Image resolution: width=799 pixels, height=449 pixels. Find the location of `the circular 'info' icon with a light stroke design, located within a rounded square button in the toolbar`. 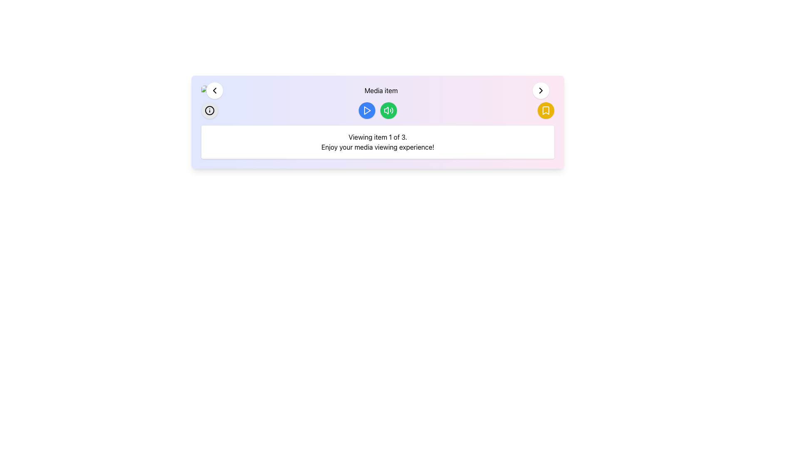

the circular 'info' icon with a light stroke design, located within a rounded square button in the toolbar is located at coordinates (210, 110).